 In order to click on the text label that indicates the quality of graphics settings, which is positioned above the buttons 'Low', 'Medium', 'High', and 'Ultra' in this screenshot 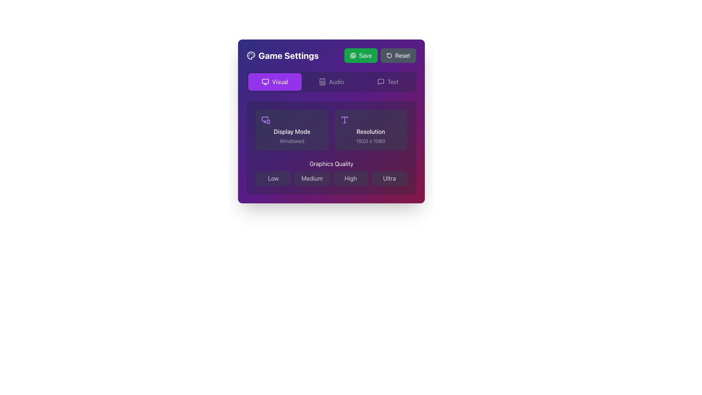, I will do `click(331, 163)`.